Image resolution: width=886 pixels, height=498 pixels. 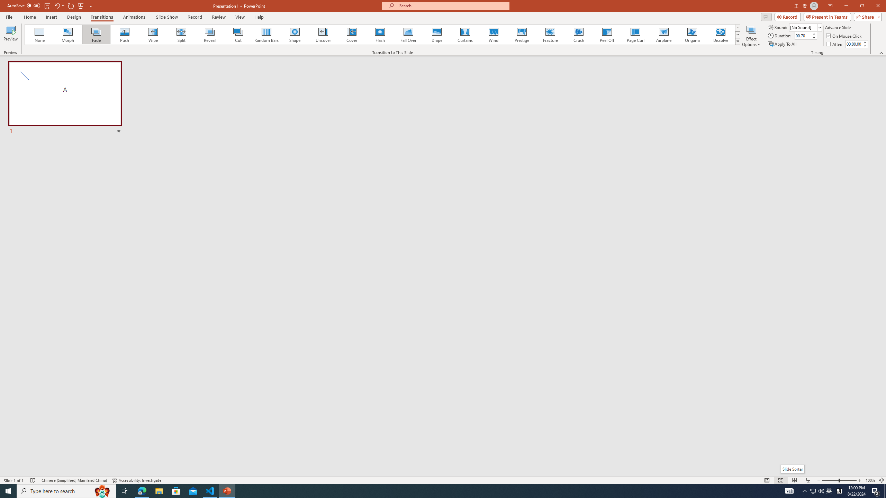 What do you see at coordinates (181, 34) in the screenshot?
I see `'Split'` at bounding box center [181, 34].